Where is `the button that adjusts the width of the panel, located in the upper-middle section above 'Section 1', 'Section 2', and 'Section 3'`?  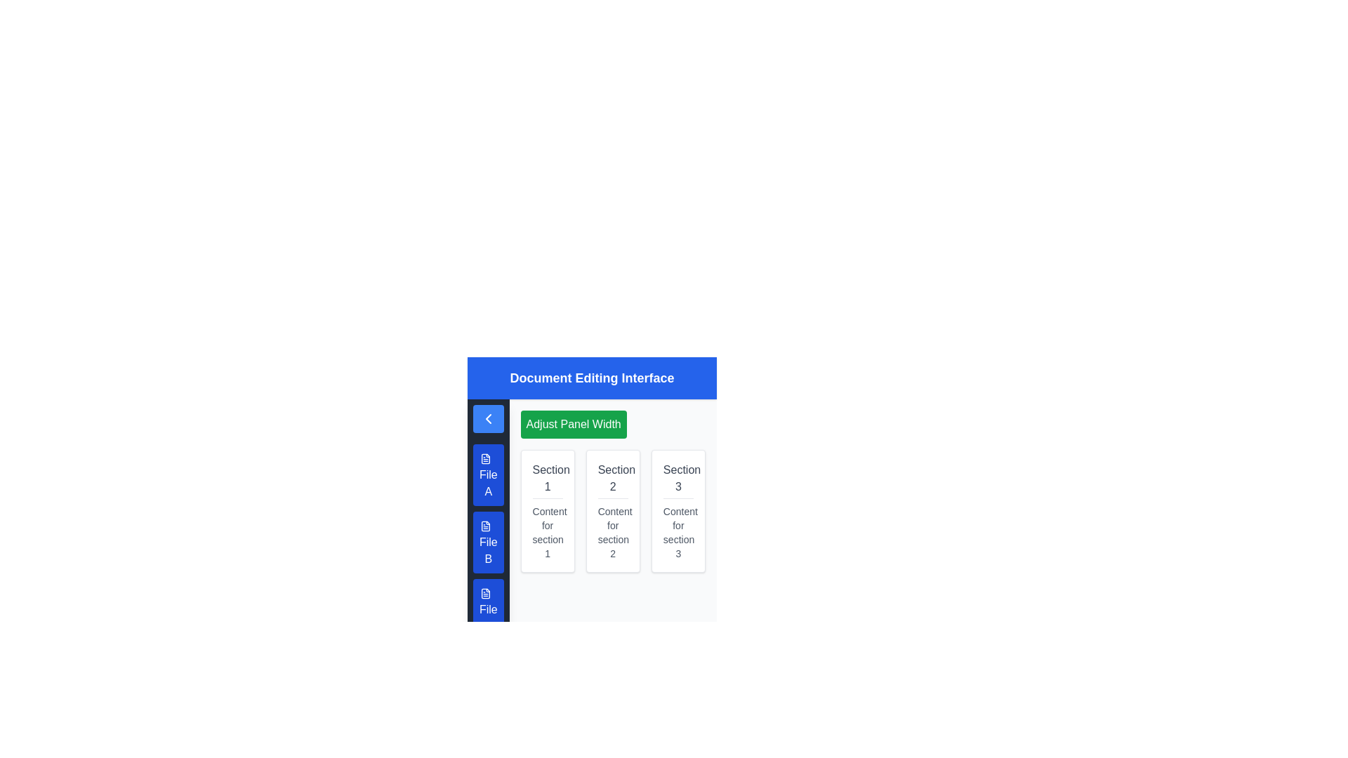
the button that adjusts the width of the panel, located in the upper-middle section above 'Section 1', 'Section 2', and 'Section 3' is located at coordinates (613, 424).